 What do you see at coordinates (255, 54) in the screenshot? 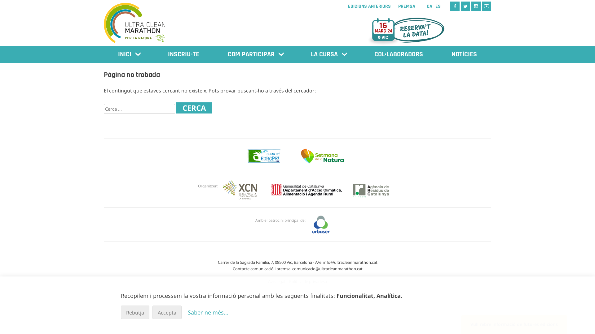
I see `'COM PARTICIPAR'` at bounding box center [255, 54].